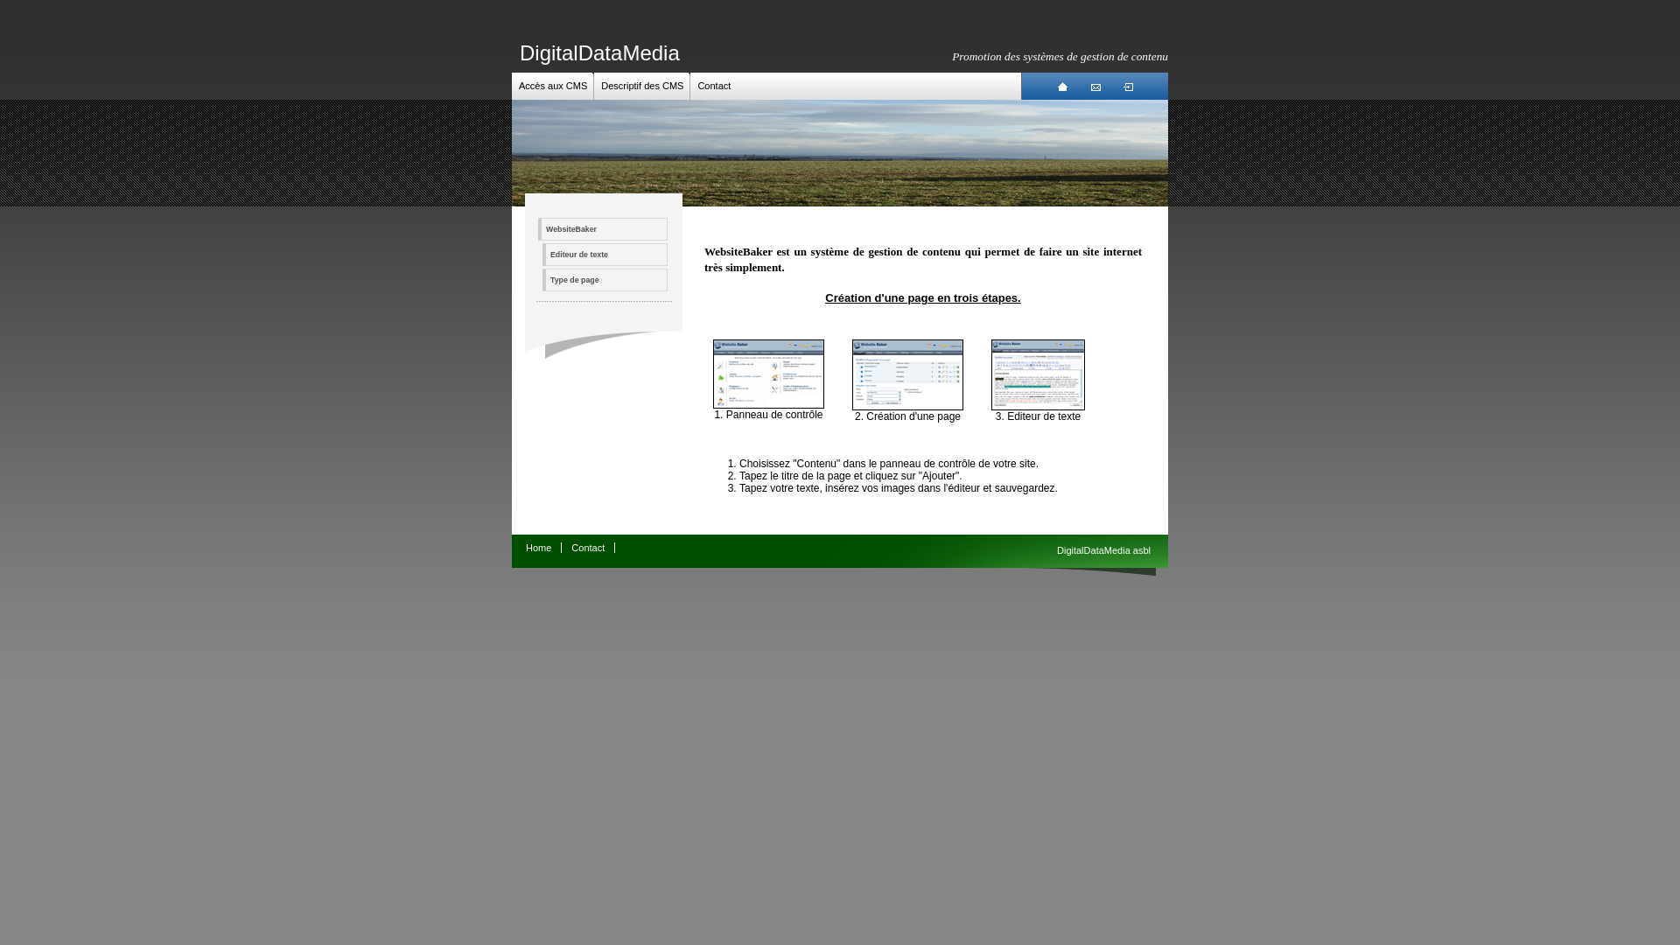  What do you see at coordinates (714, 85) in the screenshot?
I see `'Contact'` at bounding box center [714, 85].